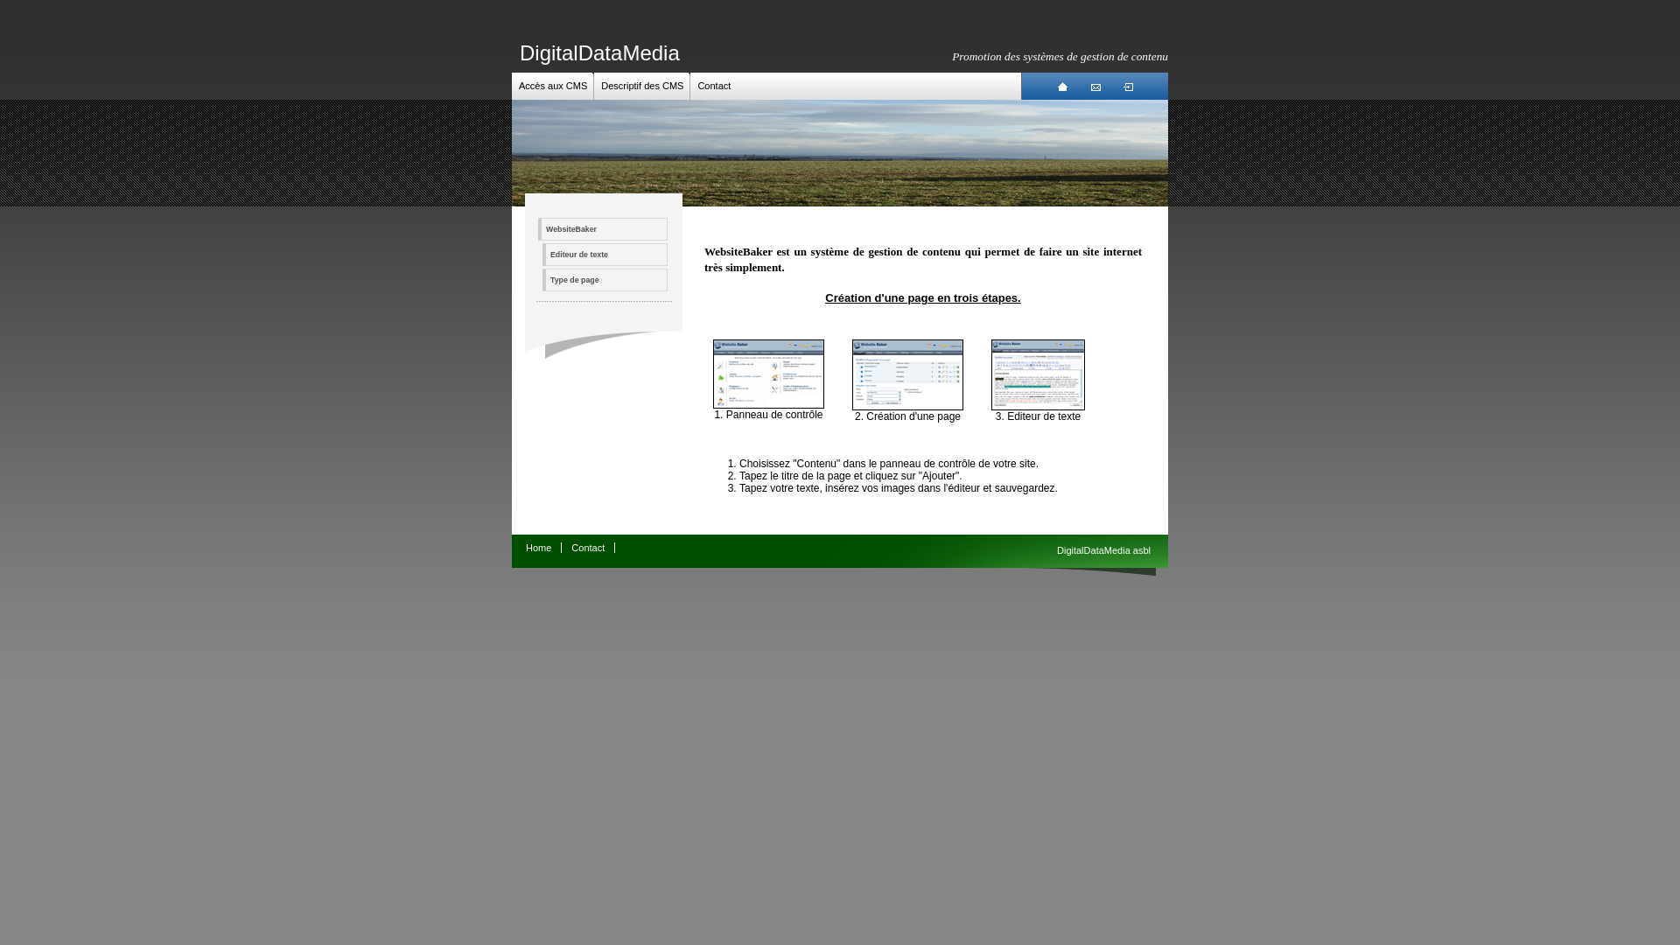  What do you see at coordinates (714, 85) in the screenshot?
I see `'Contact'` at bounding box center [714, 85].